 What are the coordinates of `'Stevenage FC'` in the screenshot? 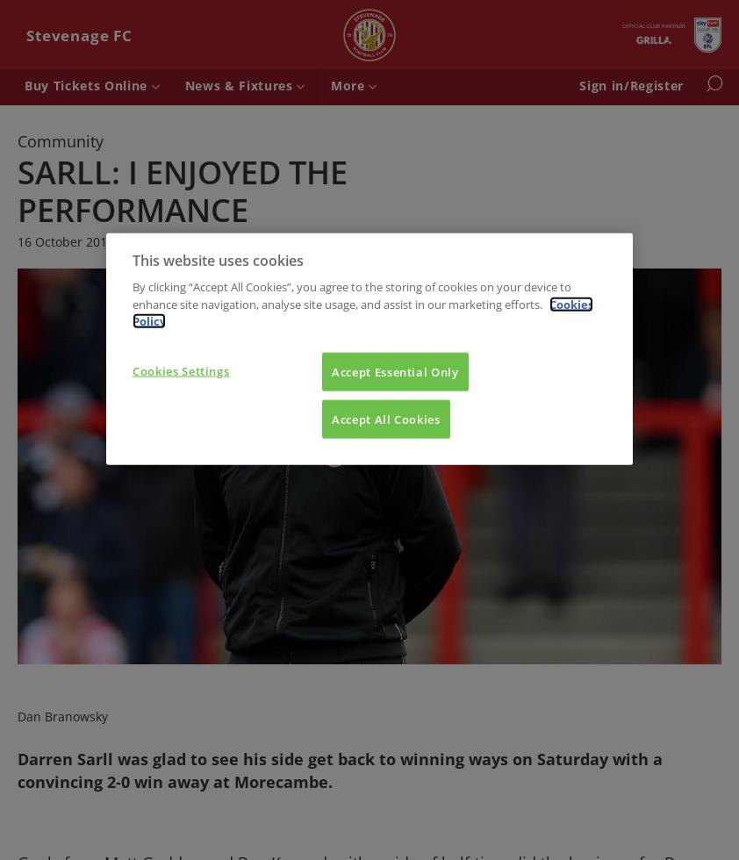 It's located at (78, 34).